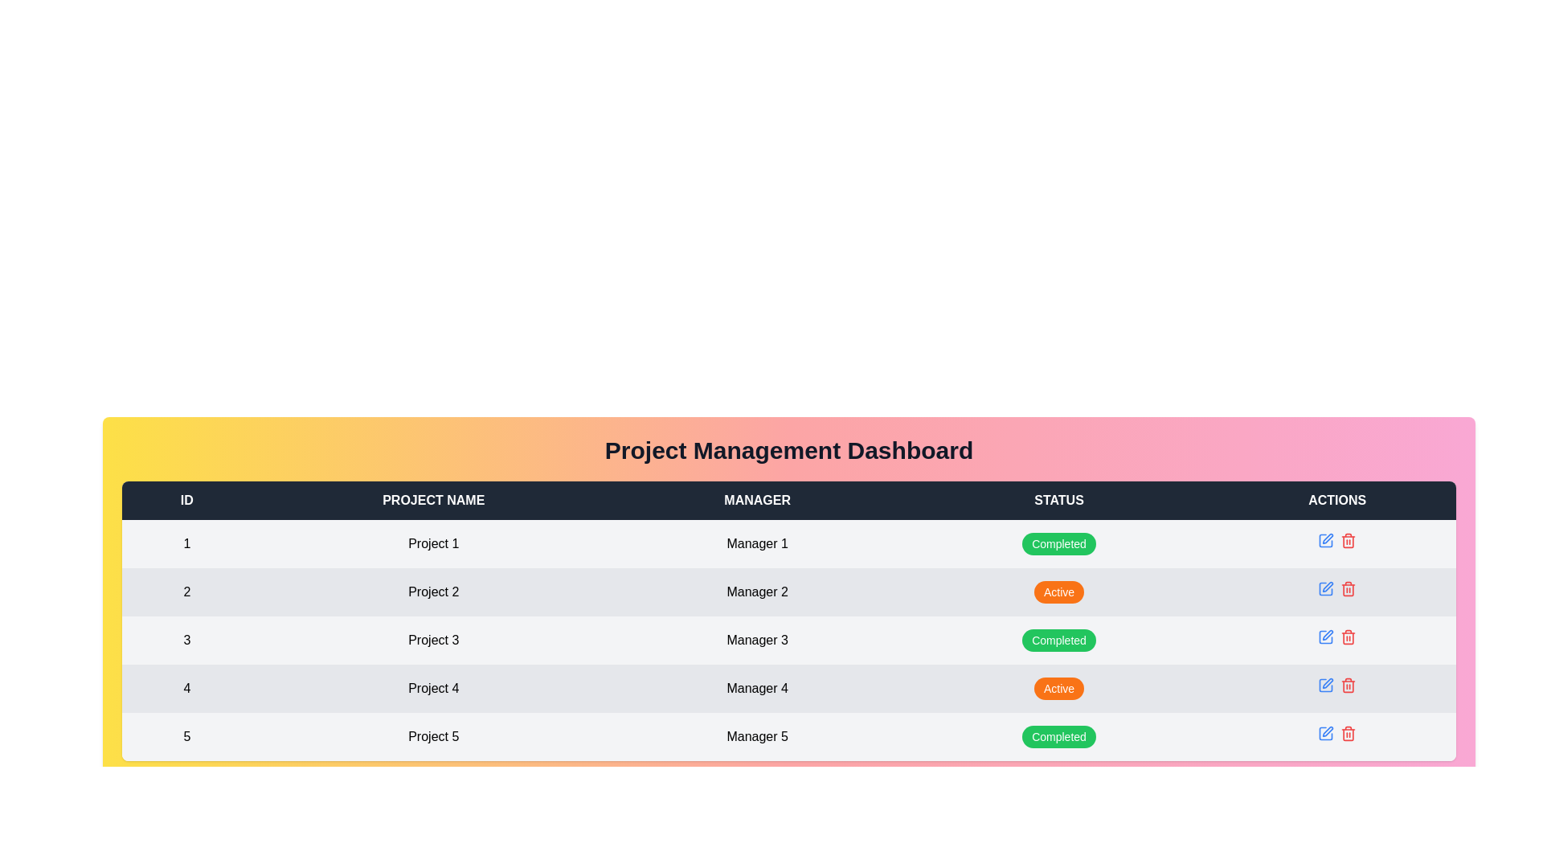 The width and height of the screenshot is (1543, 868). I want to click on the text label that identifies the project name in the 'PROJECT NAME' column for the fourth row of the table, so click(433, 687).